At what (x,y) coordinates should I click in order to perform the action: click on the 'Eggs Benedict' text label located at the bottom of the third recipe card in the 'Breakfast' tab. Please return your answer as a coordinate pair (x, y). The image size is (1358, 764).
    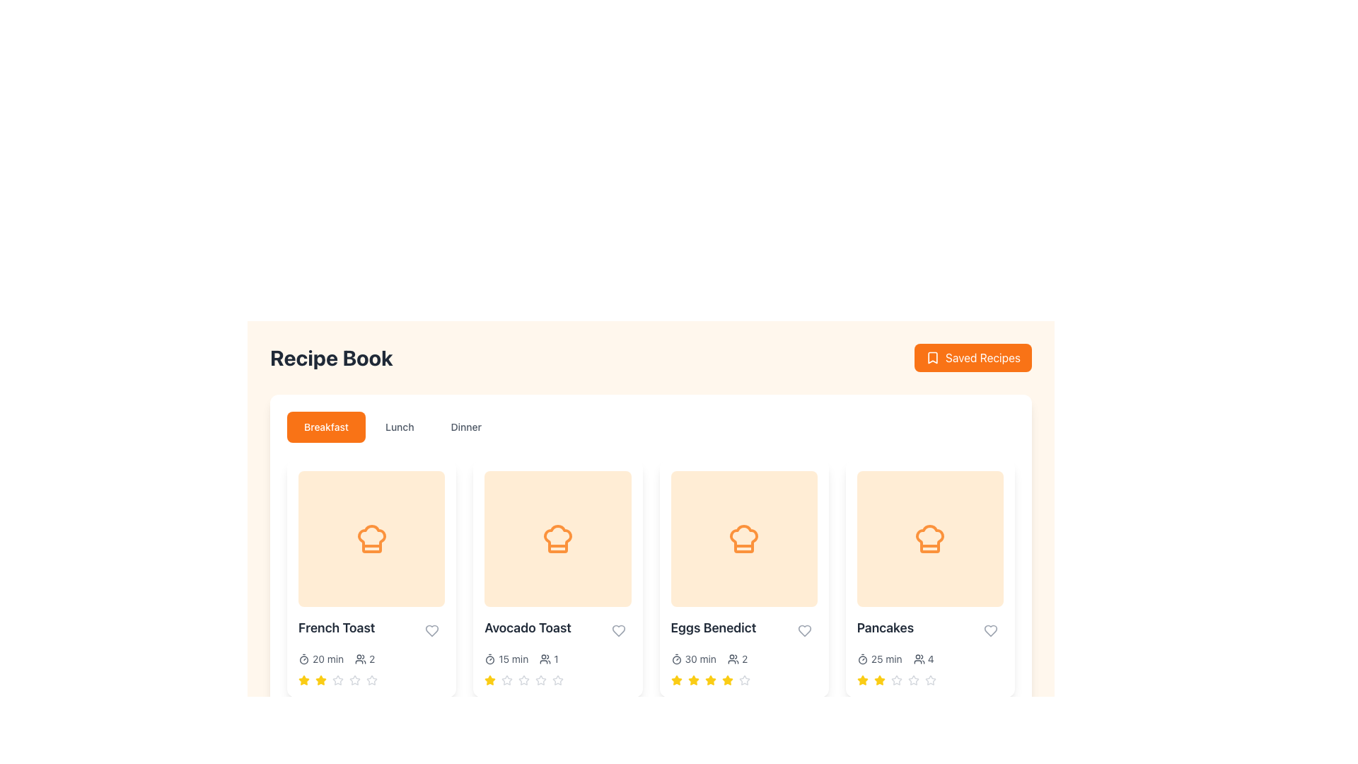
    Looking at the image, I should click on (713, 627).